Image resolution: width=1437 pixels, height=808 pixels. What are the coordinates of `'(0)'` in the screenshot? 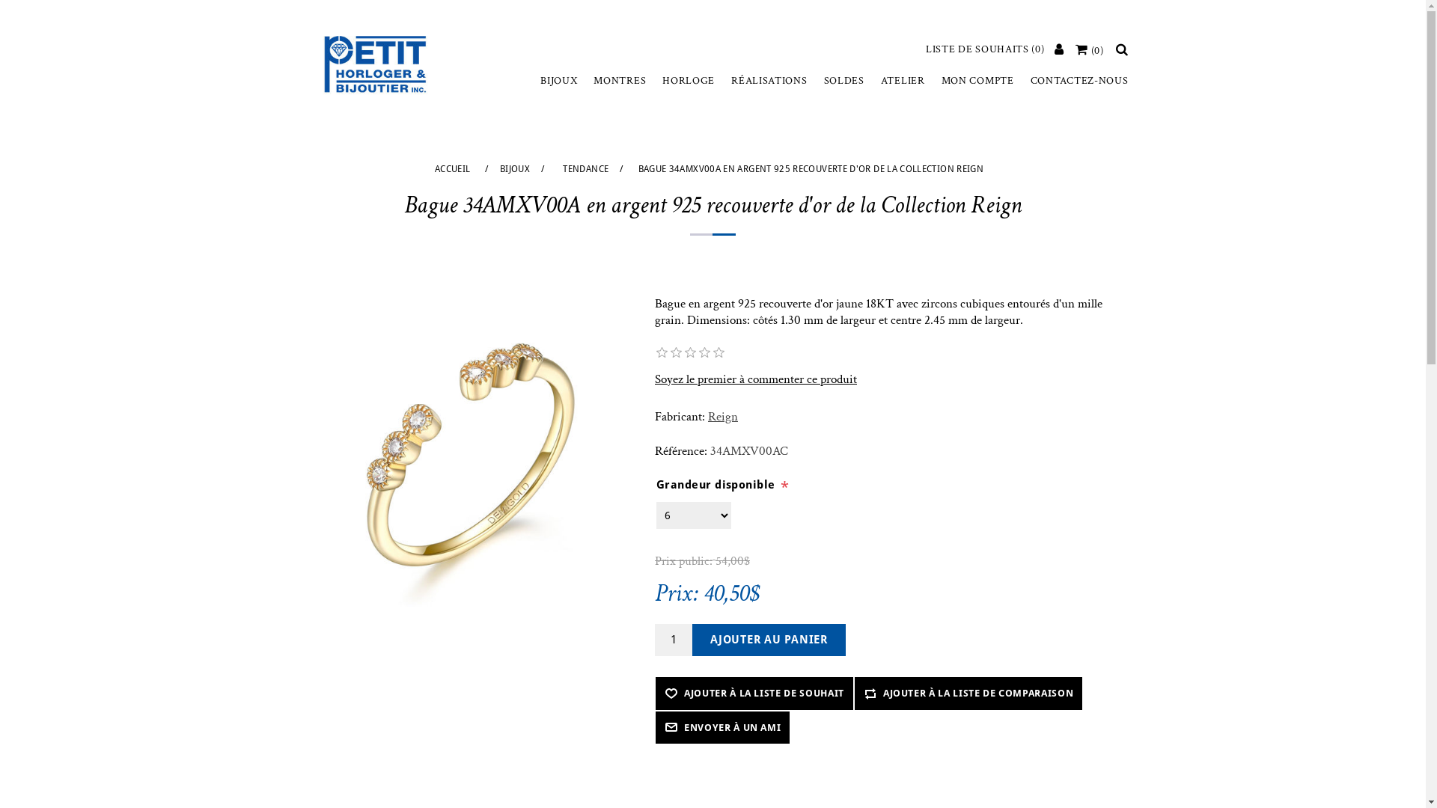 It's located at (1089, 50).